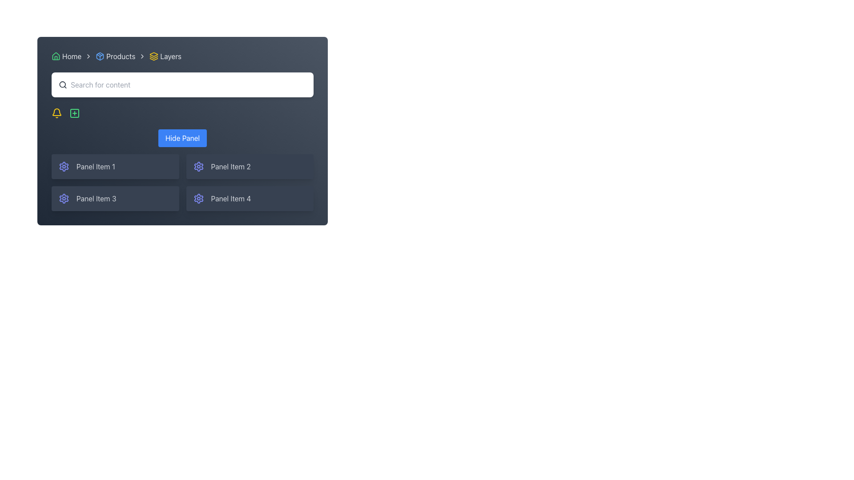 Image resolution: width=854 pixels, height=480 pixels. What do you see at coordinates (115, 198) in the screenshot?
I see `the Group Panel labeled 'Panel Item 3'` at bounding box center [115, 198].